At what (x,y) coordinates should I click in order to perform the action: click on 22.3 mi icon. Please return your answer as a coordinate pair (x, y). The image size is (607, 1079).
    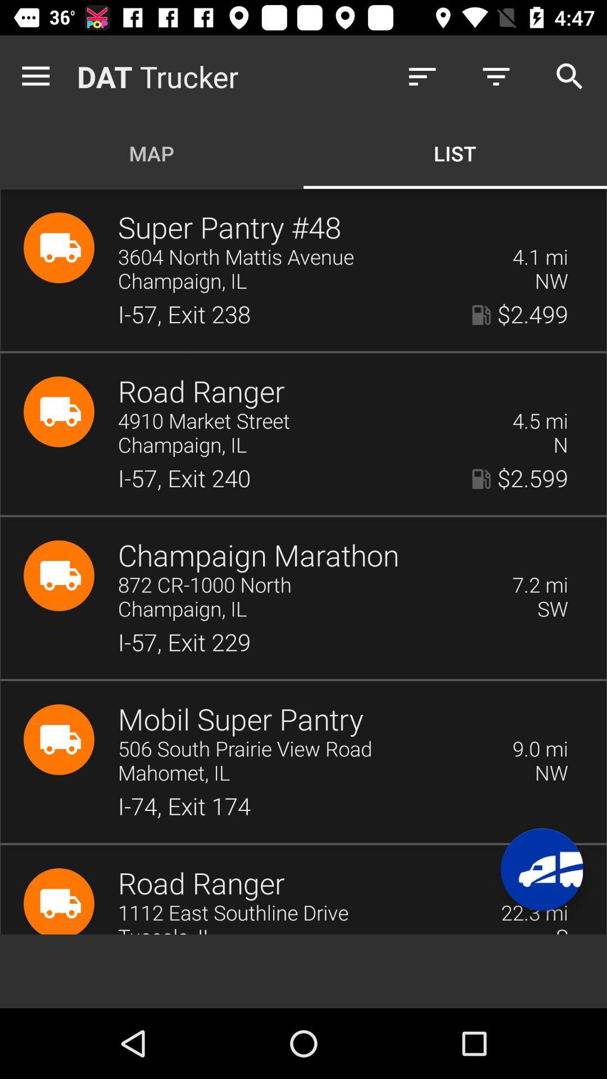
    Looking at the image, I should click on (534, 913).